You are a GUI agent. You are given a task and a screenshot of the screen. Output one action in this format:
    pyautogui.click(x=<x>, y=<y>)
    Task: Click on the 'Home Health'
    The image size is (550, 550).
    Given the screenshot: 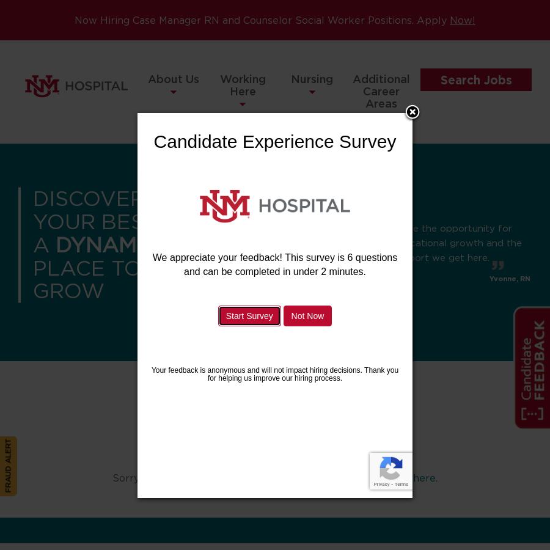 What is the action you would take?
    pyautogui.click(x=381, y=282)
    